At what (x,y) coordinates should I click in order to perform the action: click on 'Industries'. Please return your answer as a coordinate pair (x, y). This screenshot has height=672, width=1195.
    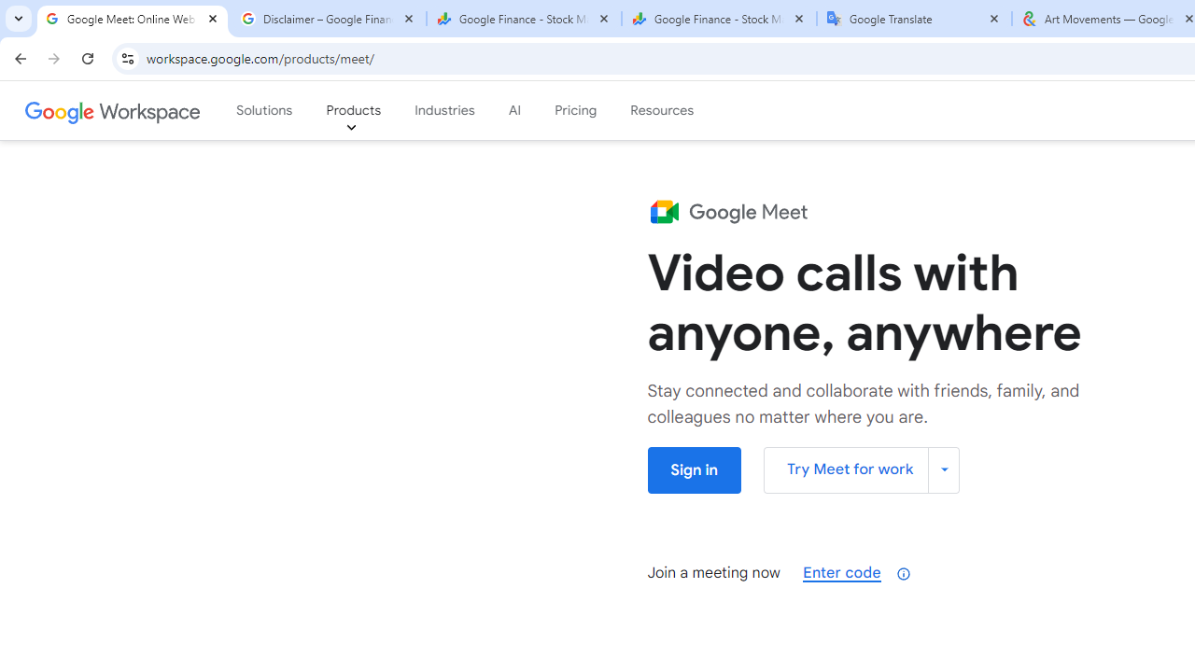
    Looking at the image, I should click on (443, 111).